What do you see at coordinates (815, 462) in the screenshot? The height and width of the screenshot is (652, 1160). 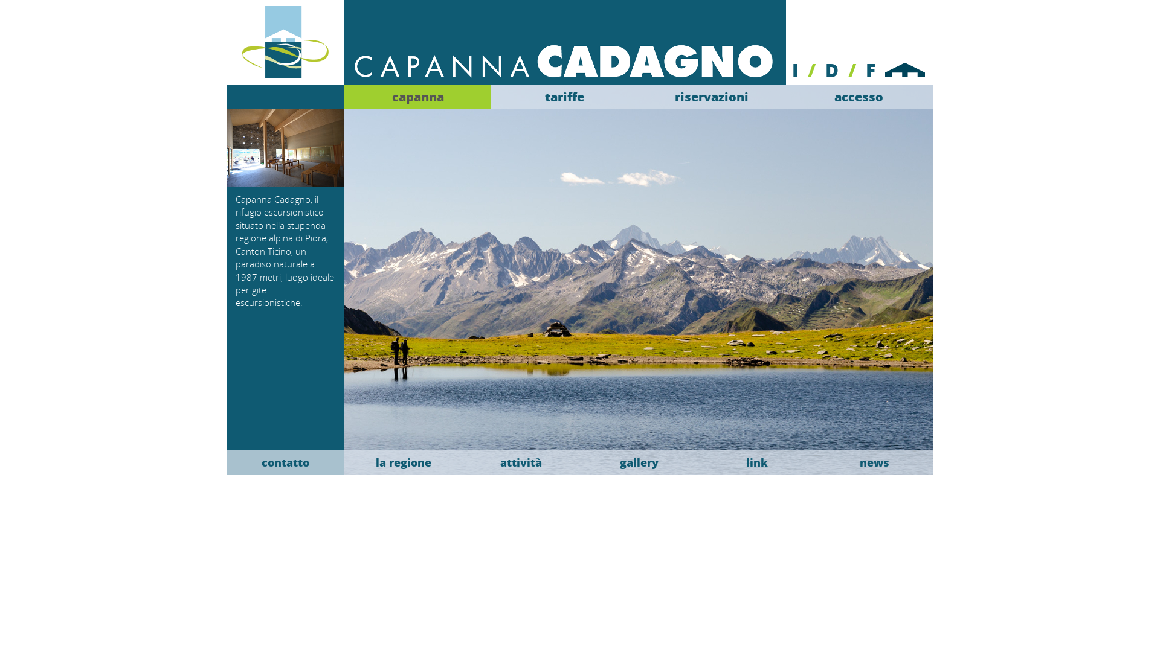 I see `'news'` at bounding box center [815, 462].